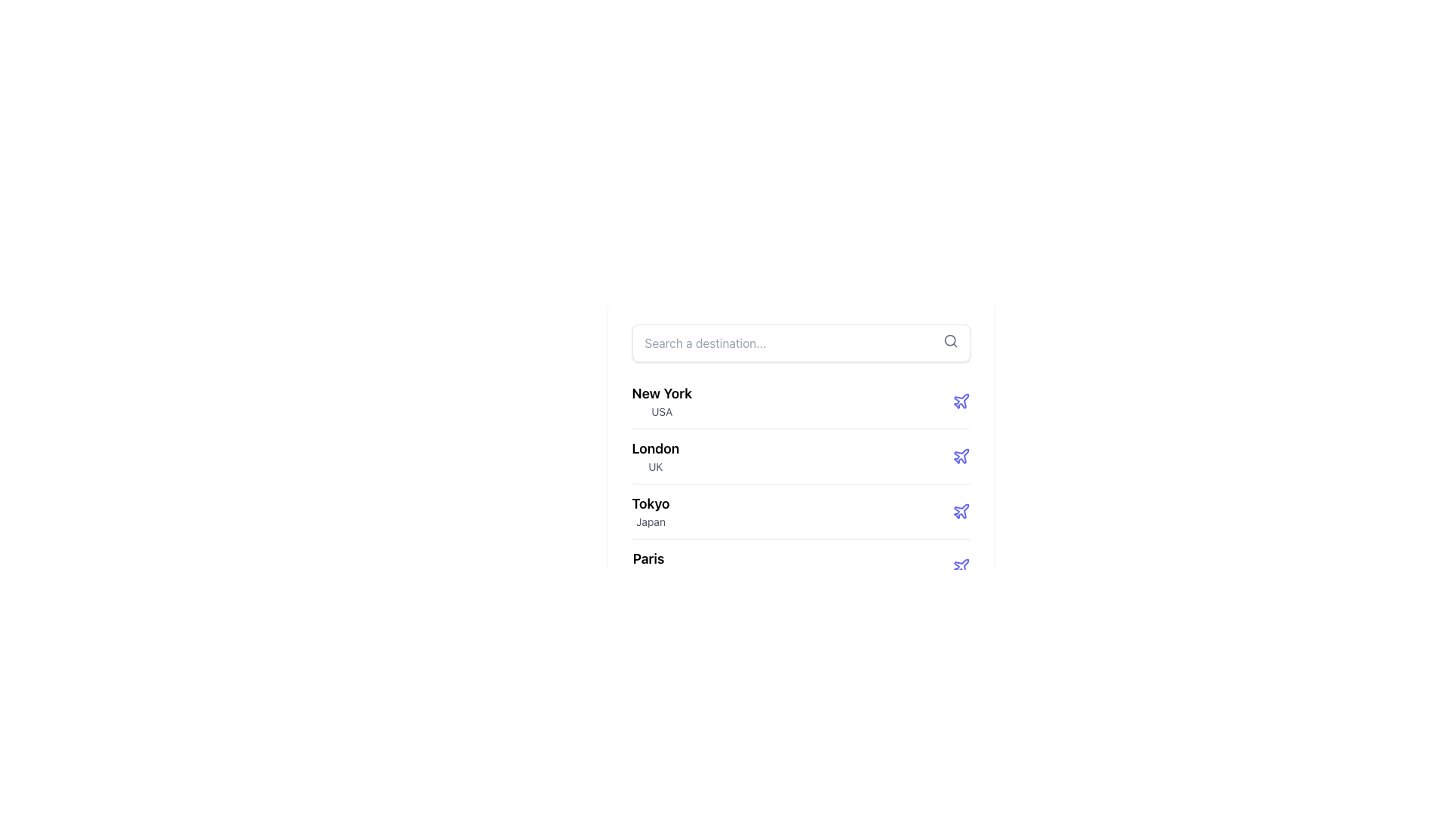  Describe the element at coordinates (800, 455) in the screenshot. I see `the second list item displaying the location 'London, UK'` at that location.